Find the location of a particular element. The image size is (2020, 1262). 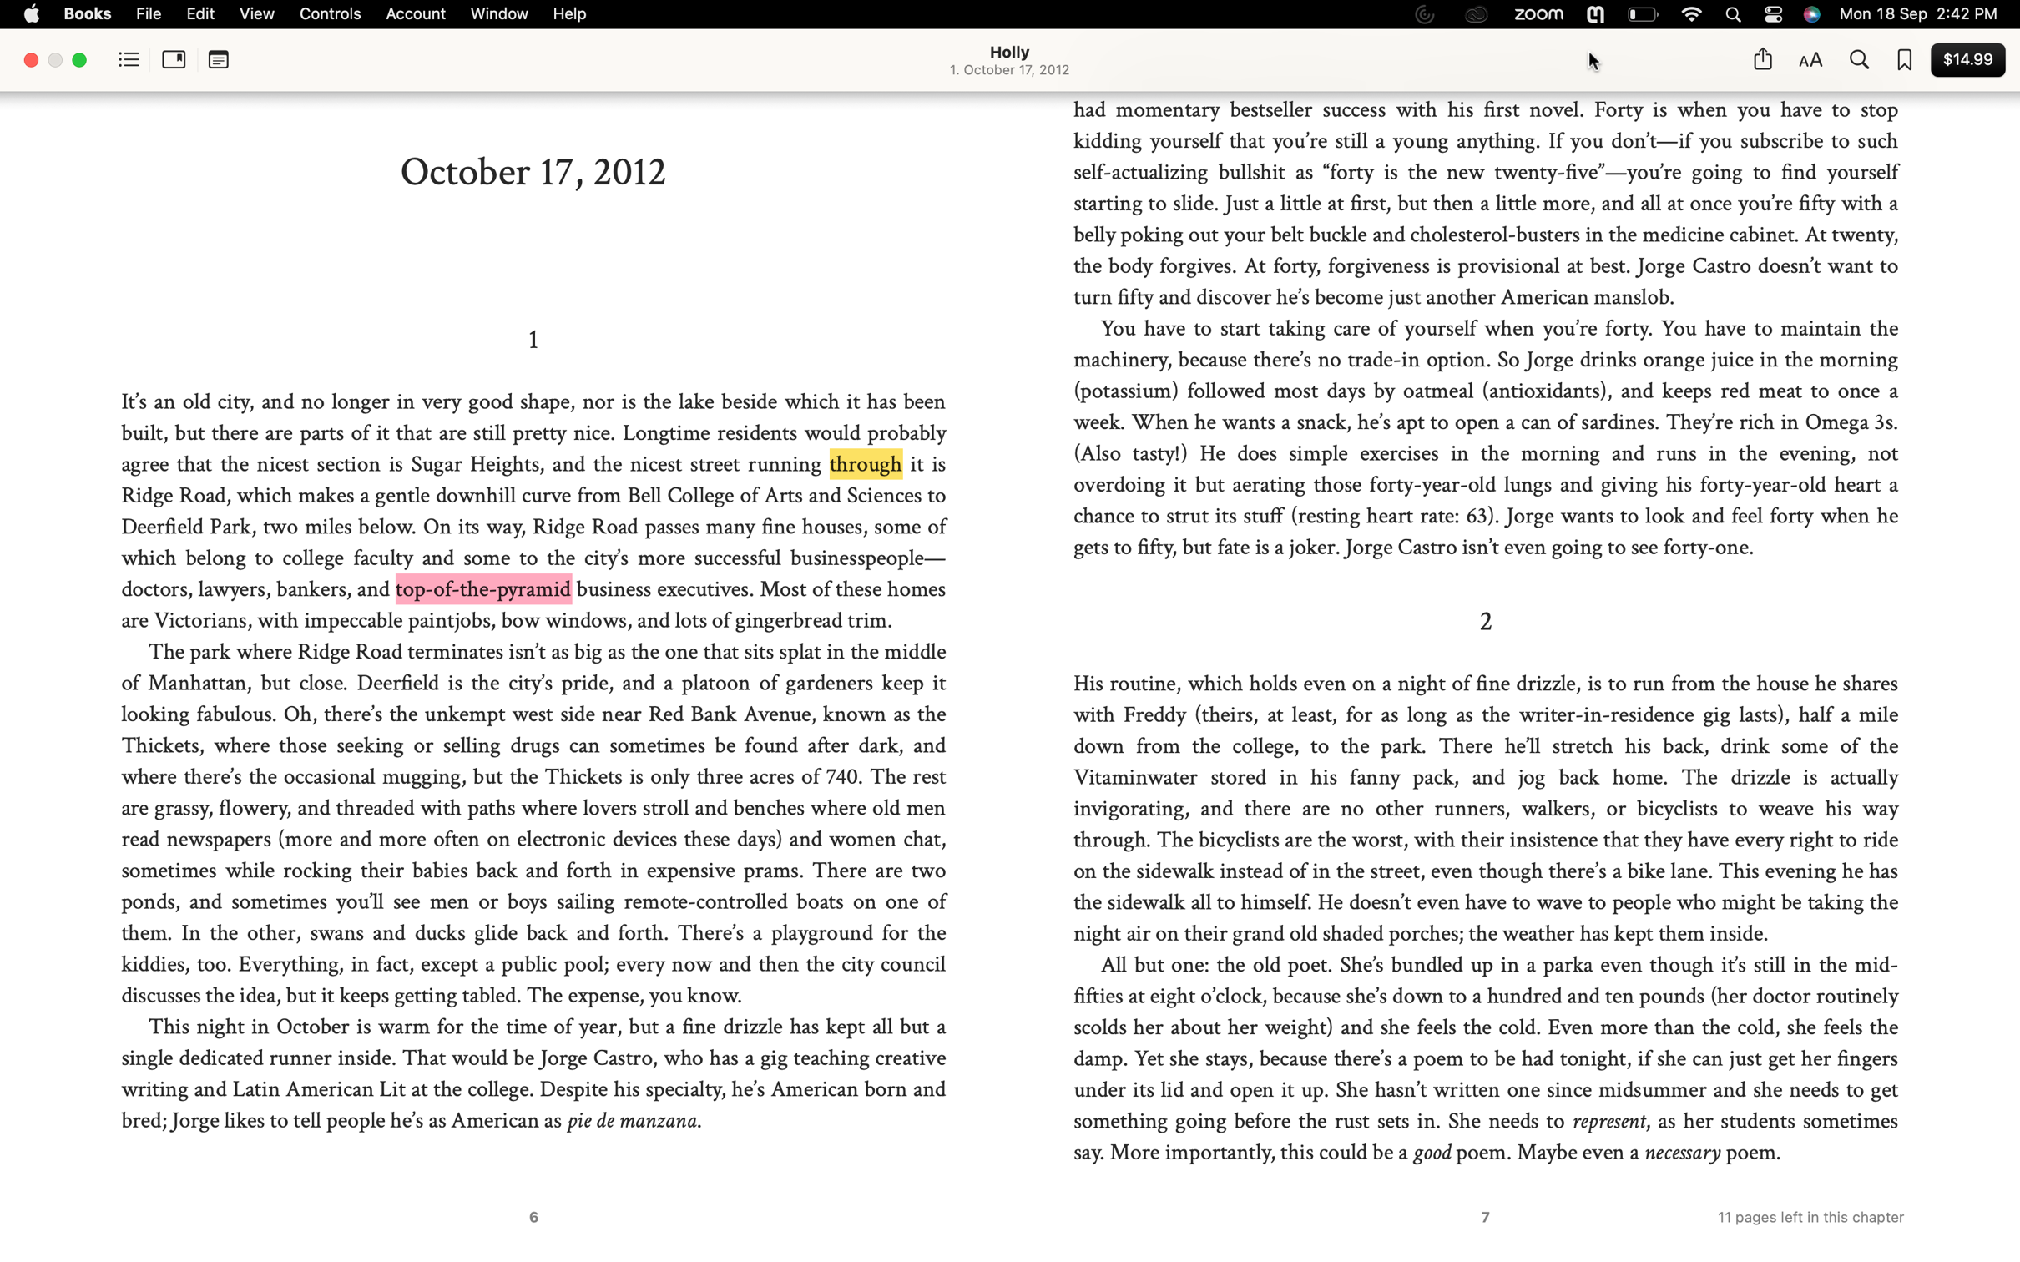

Scroll down to see the next chapter is located at coordinates (421170, 126831).